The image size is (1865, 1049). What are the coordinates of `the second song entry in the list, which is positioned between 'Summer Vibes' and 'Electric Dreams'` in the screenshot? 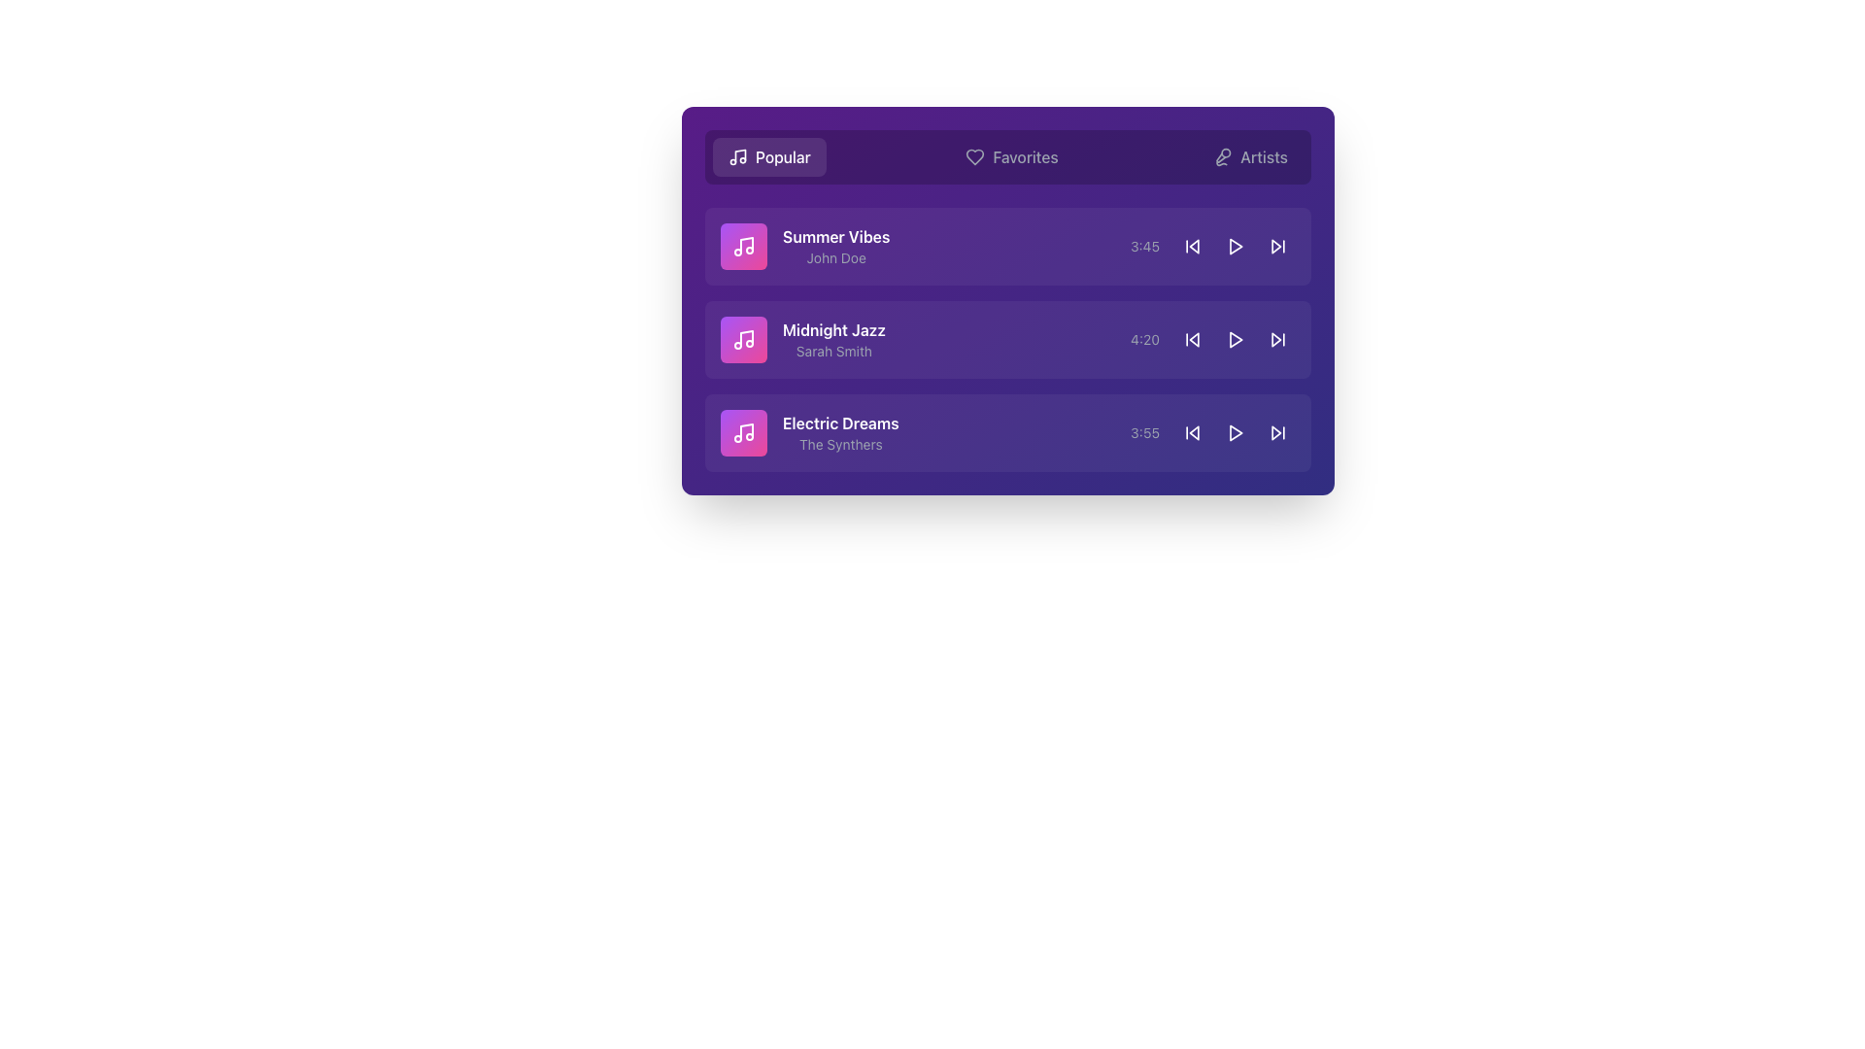 It's located at (1007, 339).